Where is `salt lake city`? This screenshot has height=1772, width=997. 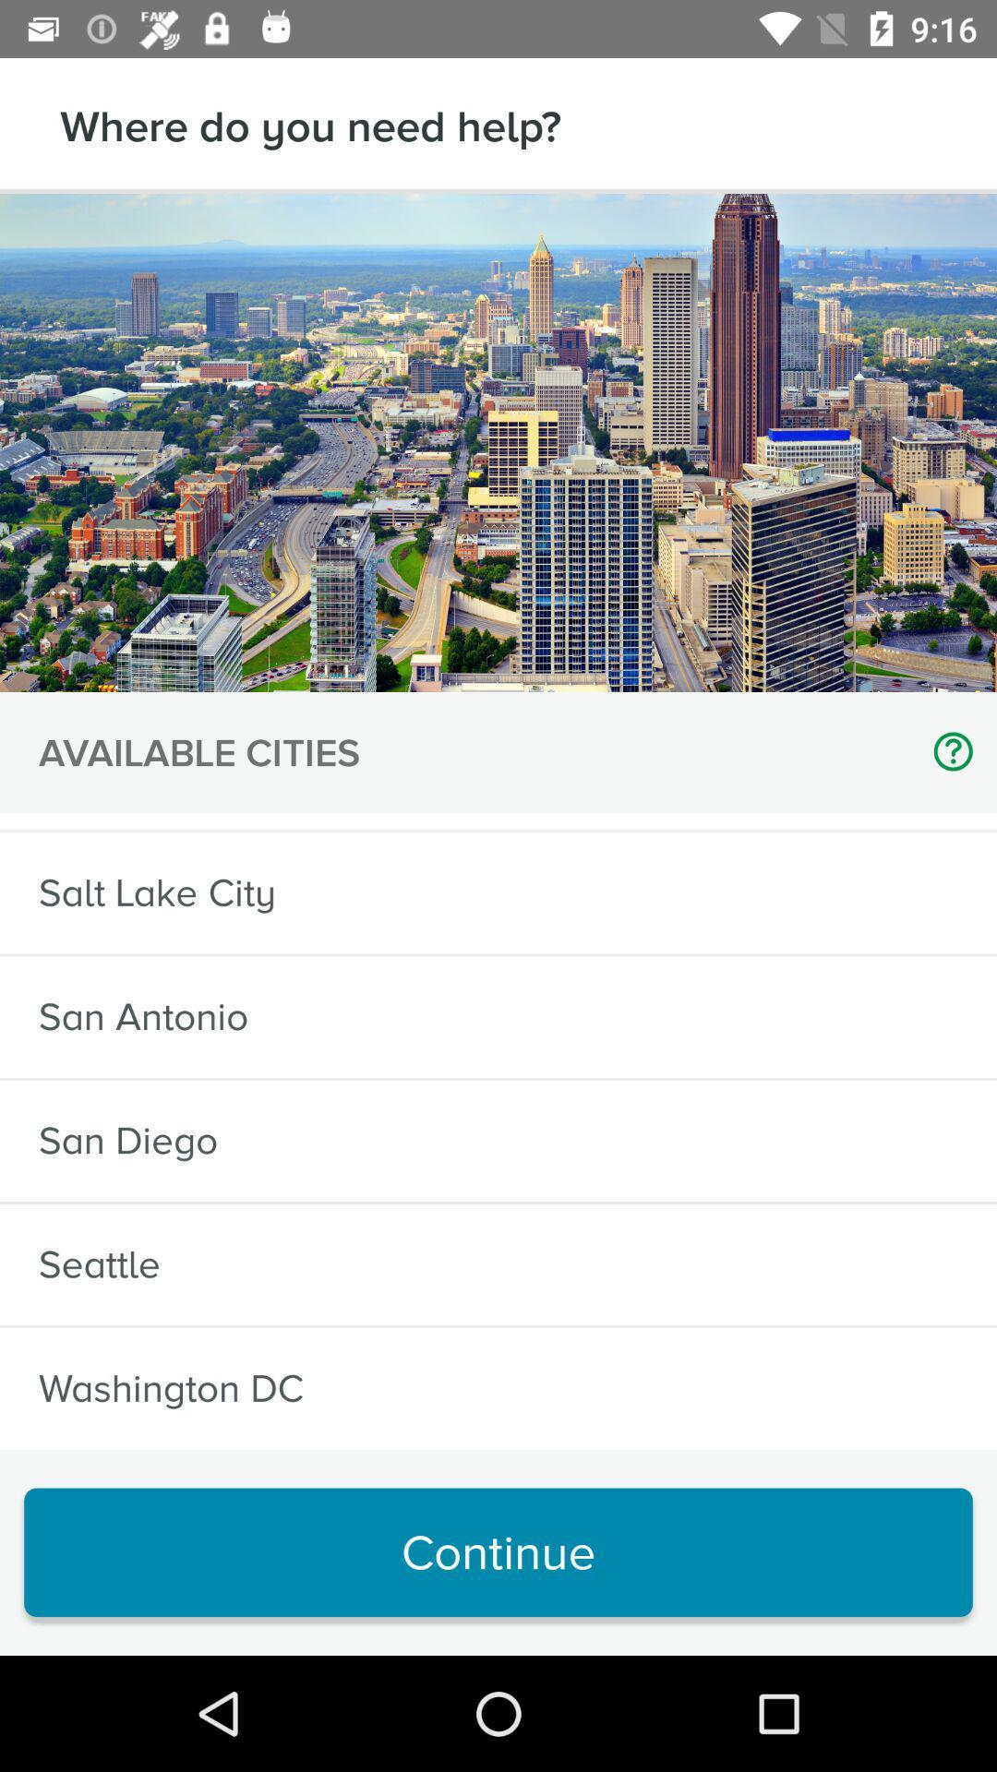
salt lake city is located at coordinates (156, 892).